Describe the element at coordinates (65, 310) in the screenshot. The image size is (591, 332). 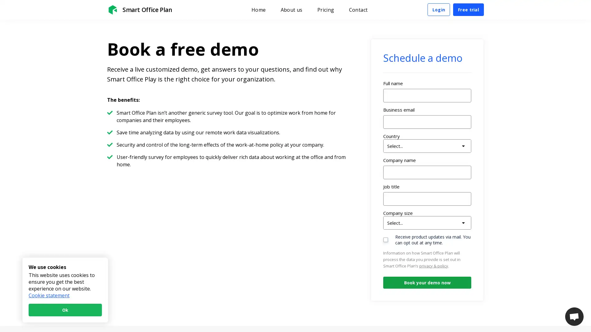
I see `Ok` at that location.